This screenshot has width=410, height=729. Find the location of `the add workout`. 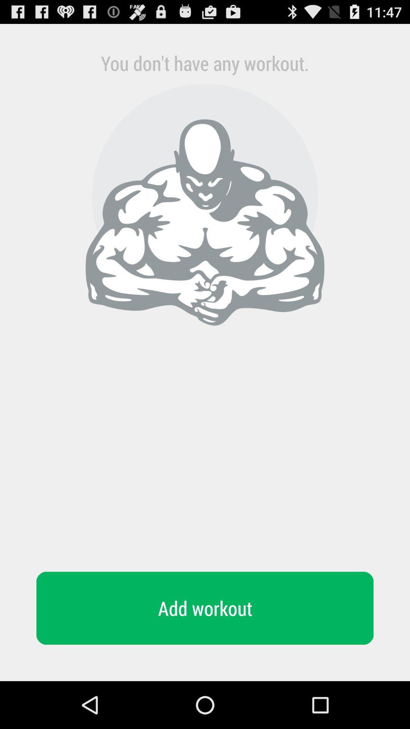

the add workout is located at coordinates (205, 608).